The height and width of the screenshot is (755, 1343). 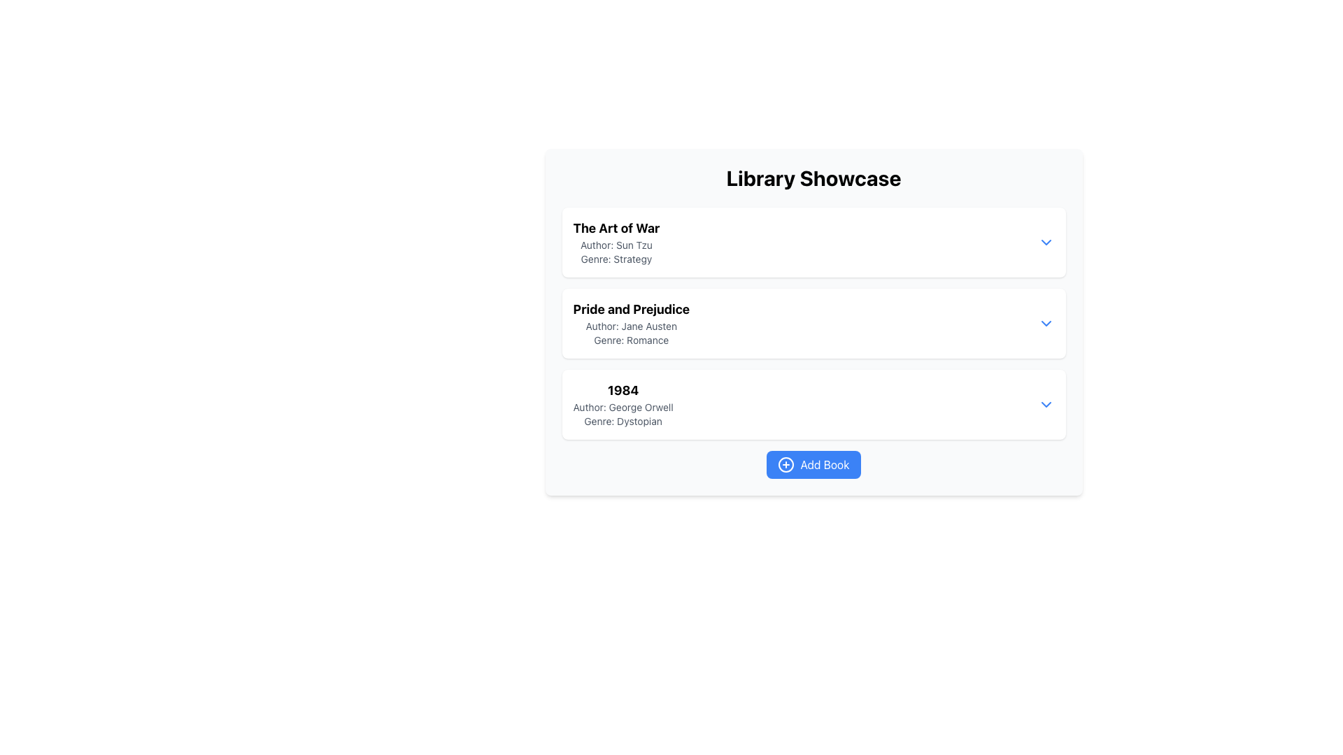 I want to click on the dropdown activator button with SVG icon for the book '1984' to change its color, so click(x=1046, y=404).